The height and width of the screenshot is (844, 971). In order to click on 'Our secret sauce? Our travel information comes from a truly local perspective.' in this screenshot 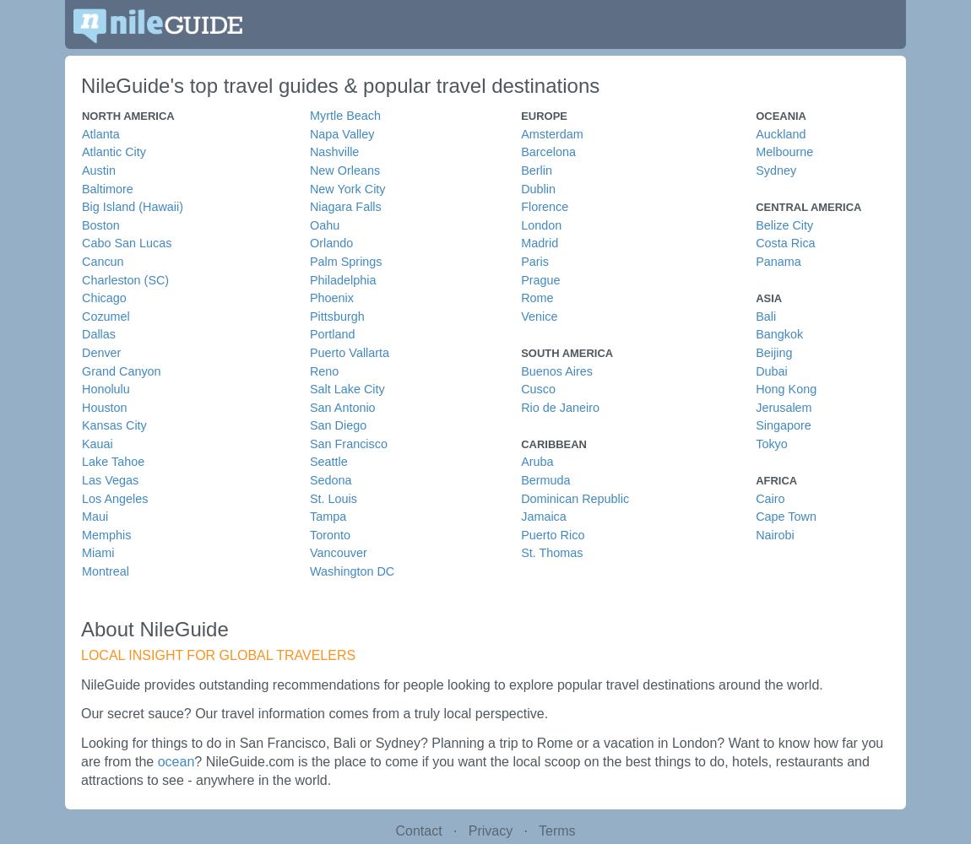, I will do `click(314, 712)`.